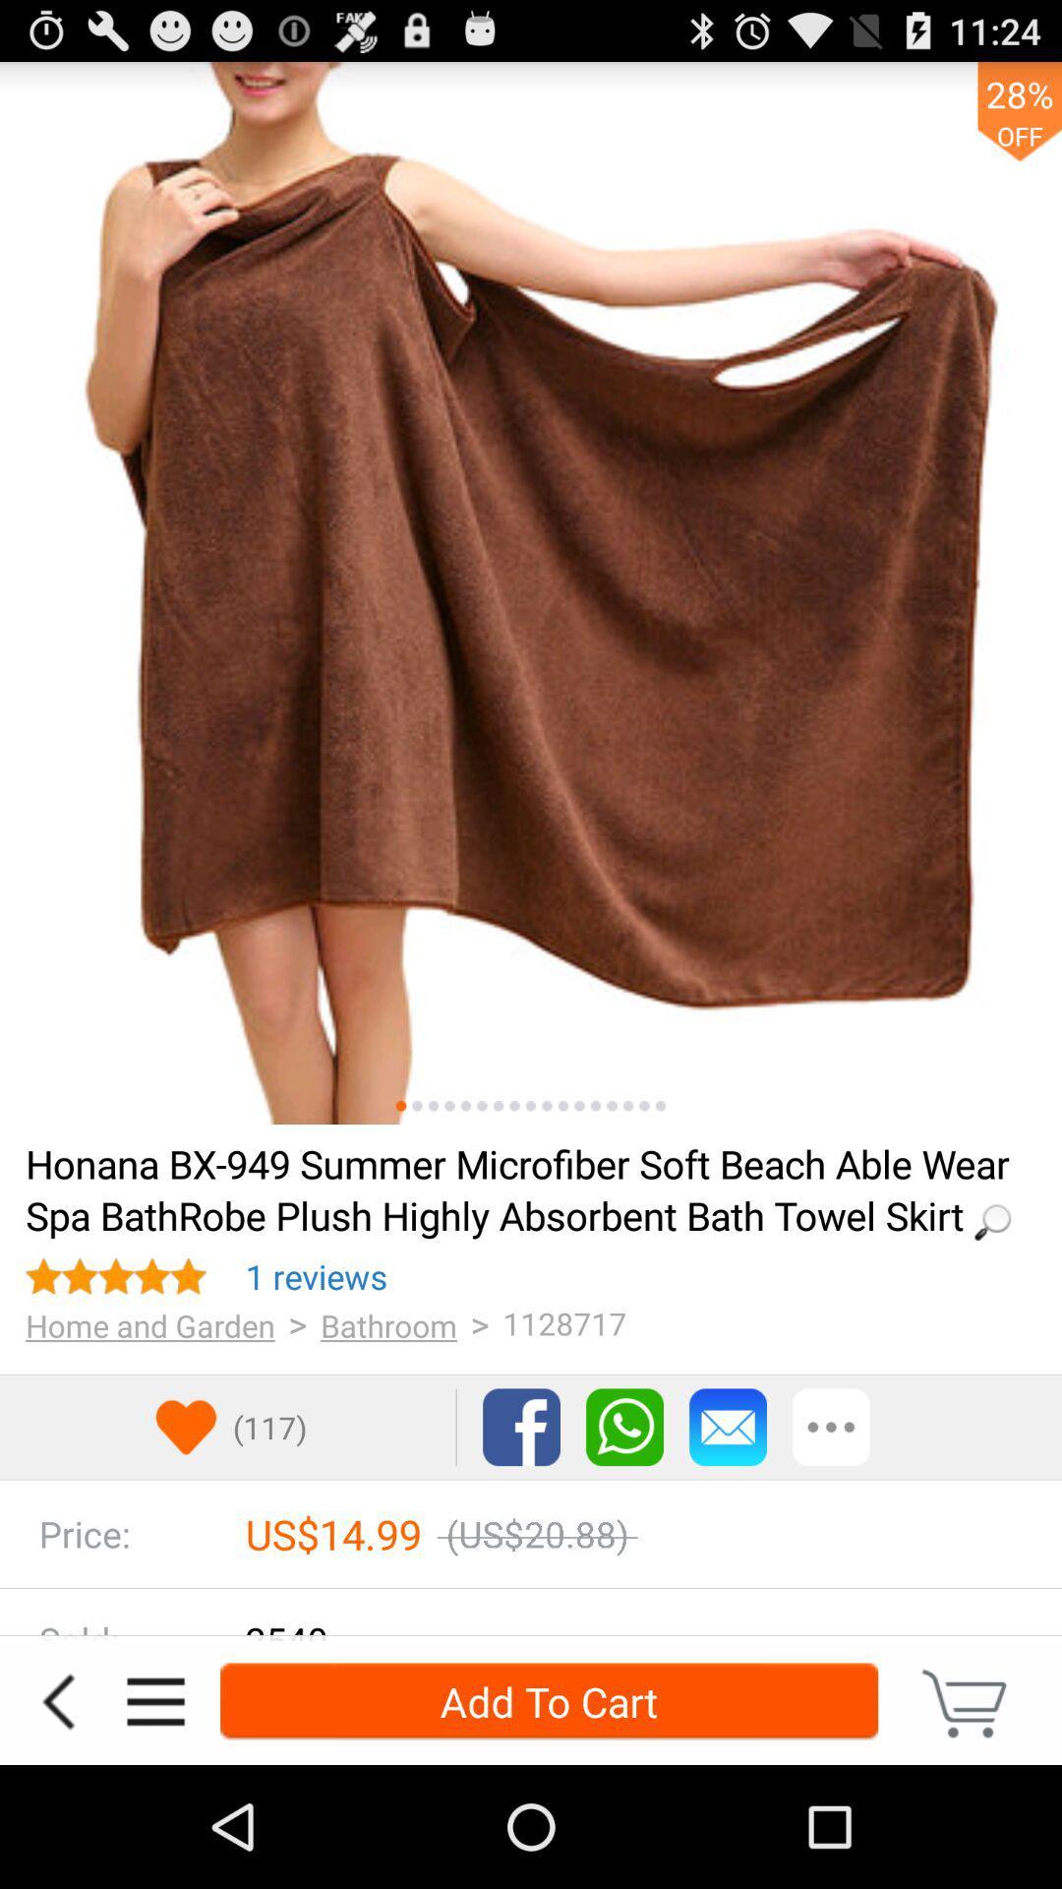  I want to click on picture, so click(432, 1106).